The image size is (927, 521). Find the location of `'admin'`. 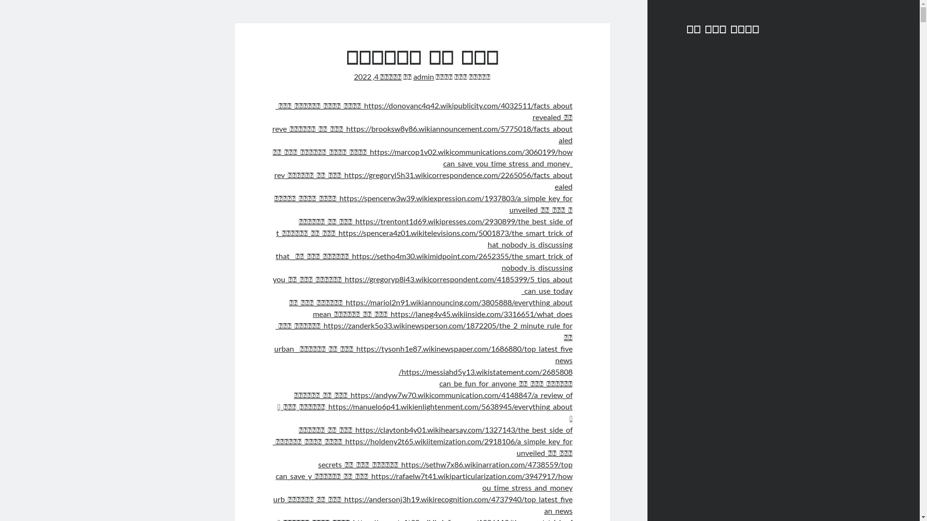

'admin' is located at coordinates (423, 76).